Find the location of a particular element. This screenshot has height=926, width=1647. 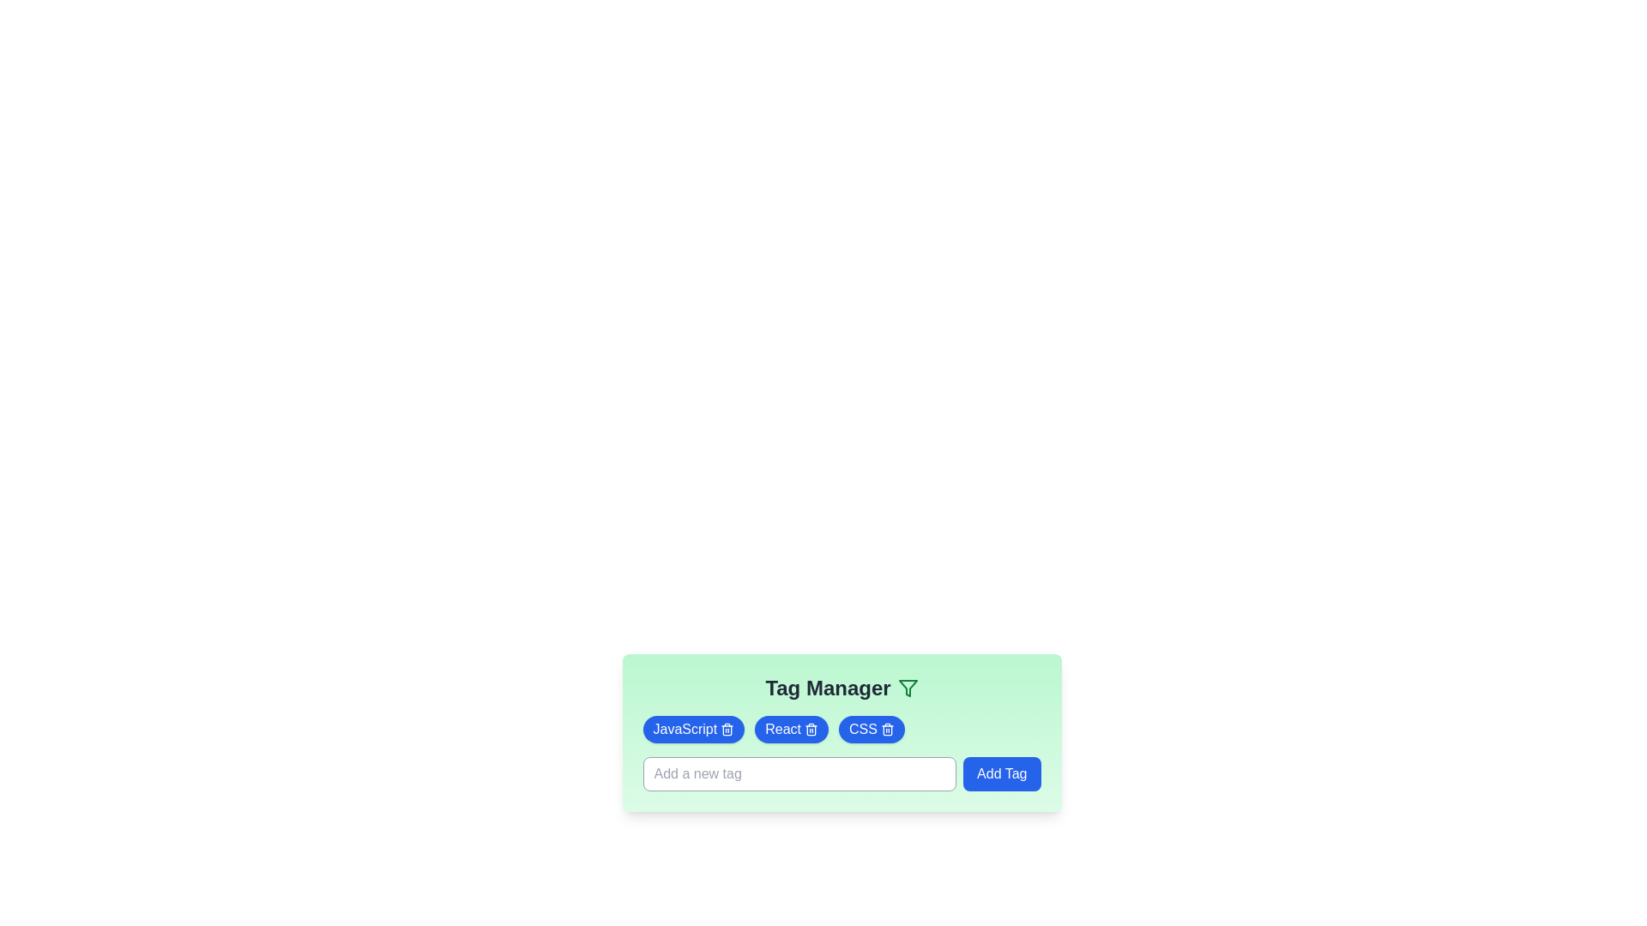

the green funnel-shaped icon located to the right of the 'Tag Manager' text in the header area is located at coordinates (907, 687).